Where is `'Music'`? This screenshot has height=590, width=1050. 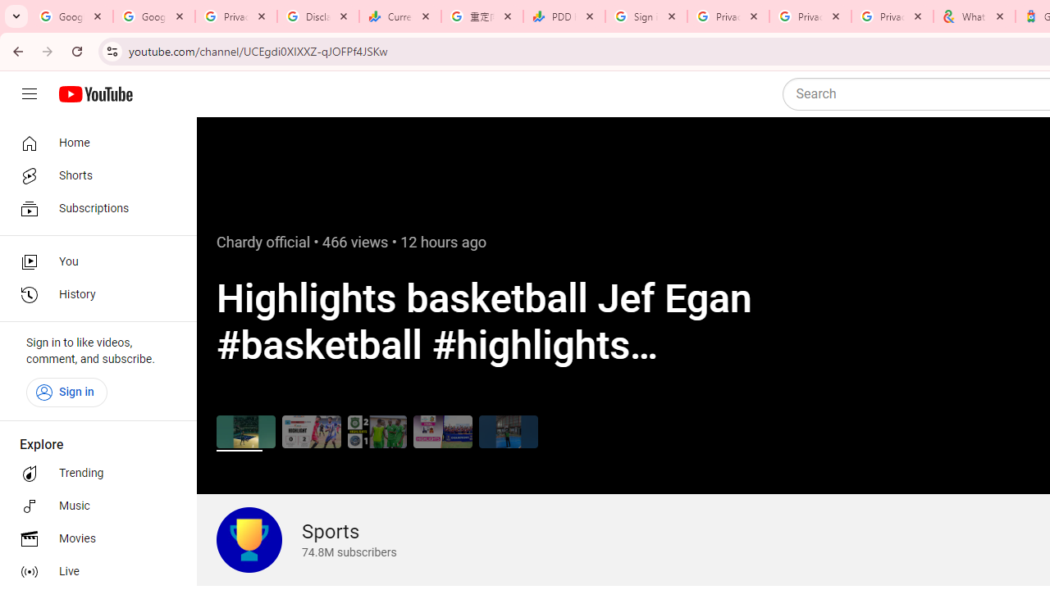
'Music' is located at coordinates (92, 506).